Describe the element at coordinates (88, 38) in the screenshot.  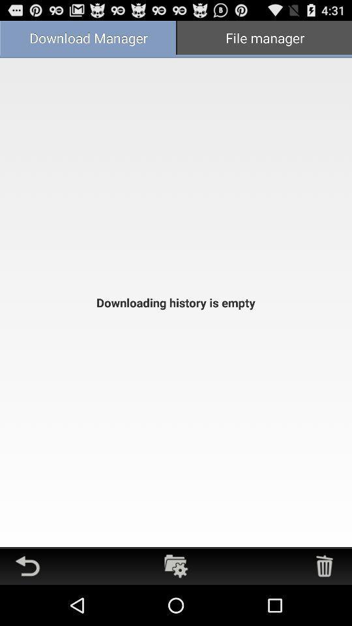
I see `the download manager icon` at that location.